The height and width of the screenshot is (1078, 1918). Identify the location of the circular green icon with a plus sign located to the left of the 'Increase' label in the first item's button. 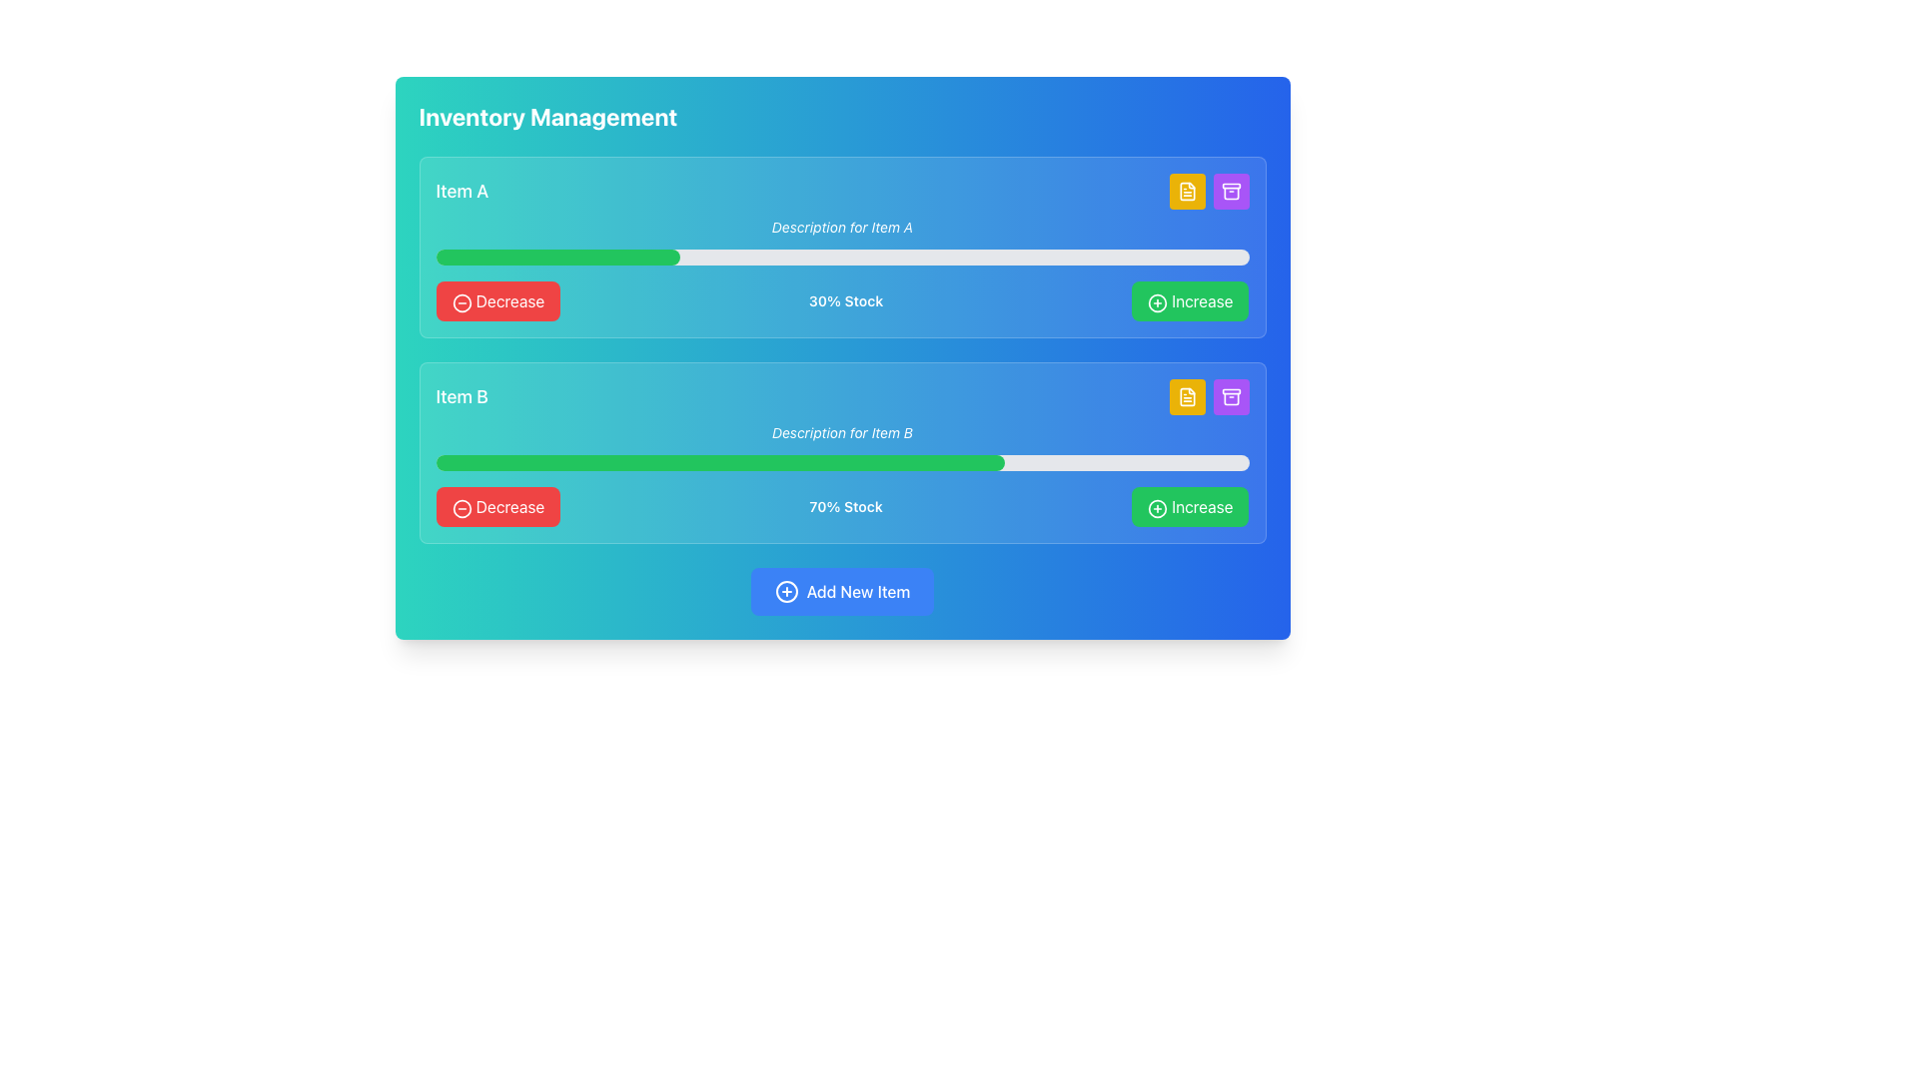
(1157, 302).